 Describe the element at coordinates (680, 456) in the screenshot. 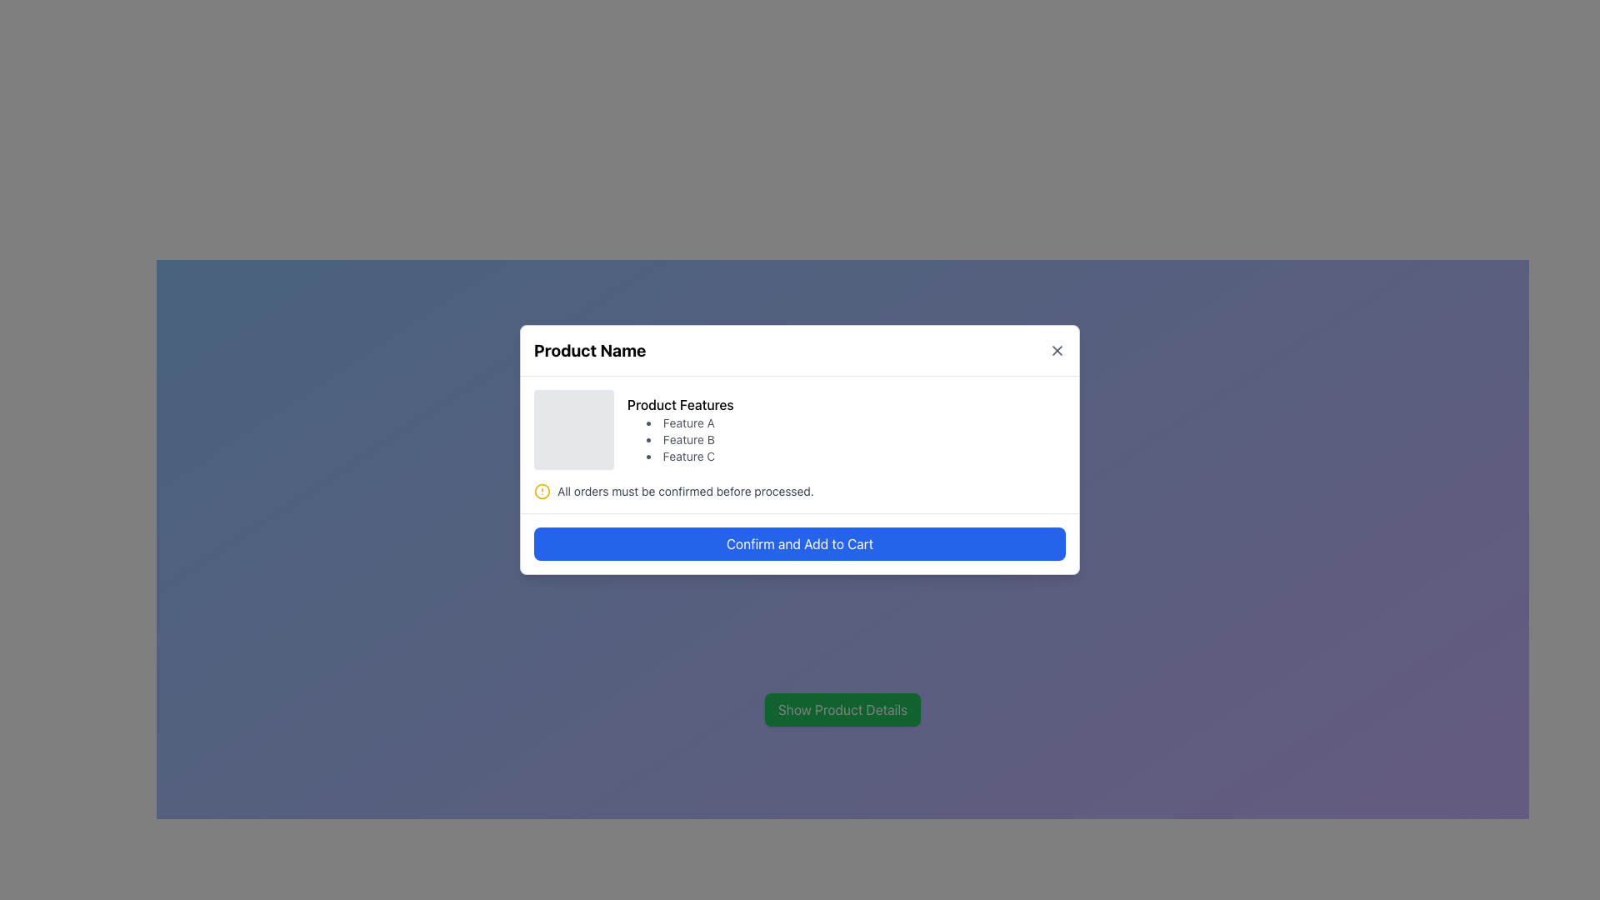

I see `the list item displaying 'Feature C' in a smaller, gray font, which is the third item in a bulleted list under the 'Product Features' header` at that location.